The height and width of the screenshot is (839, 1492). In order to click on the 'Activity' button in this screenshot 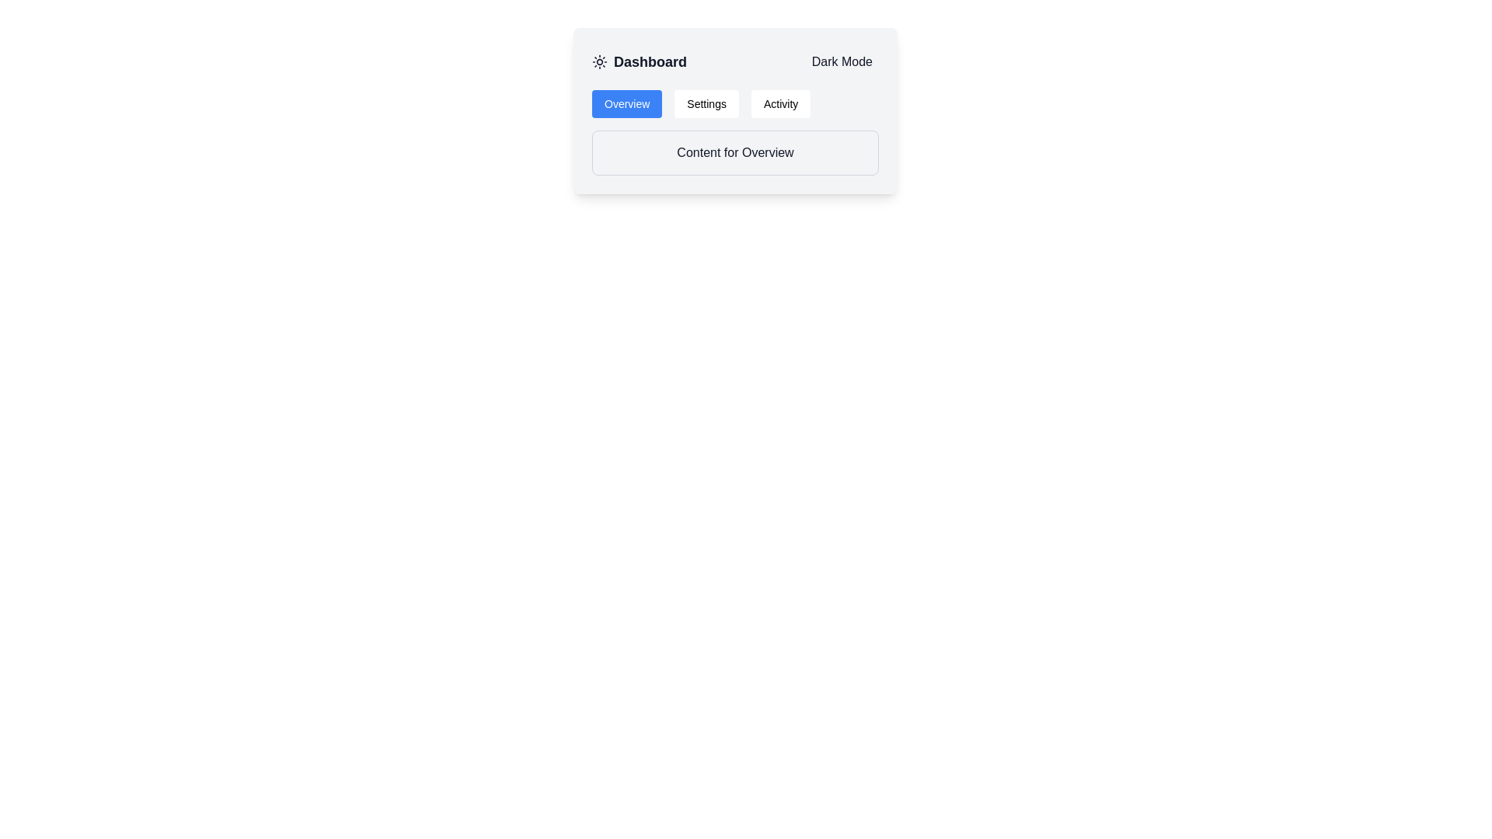, I will do `click(781, 104)`.